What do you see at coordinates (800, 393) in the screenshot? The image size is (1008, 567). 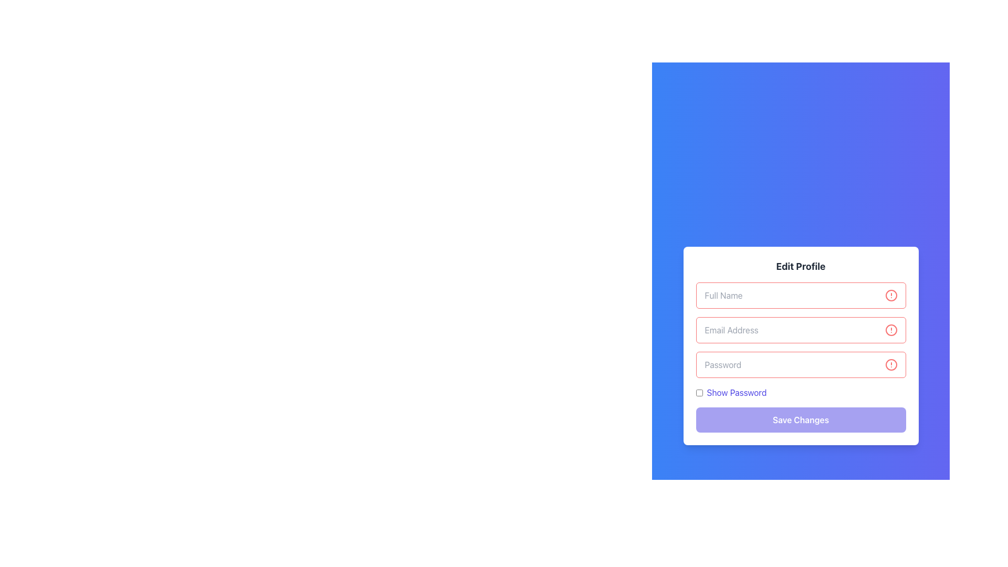 I see `the checkbox` at bounding box center [800, 393].